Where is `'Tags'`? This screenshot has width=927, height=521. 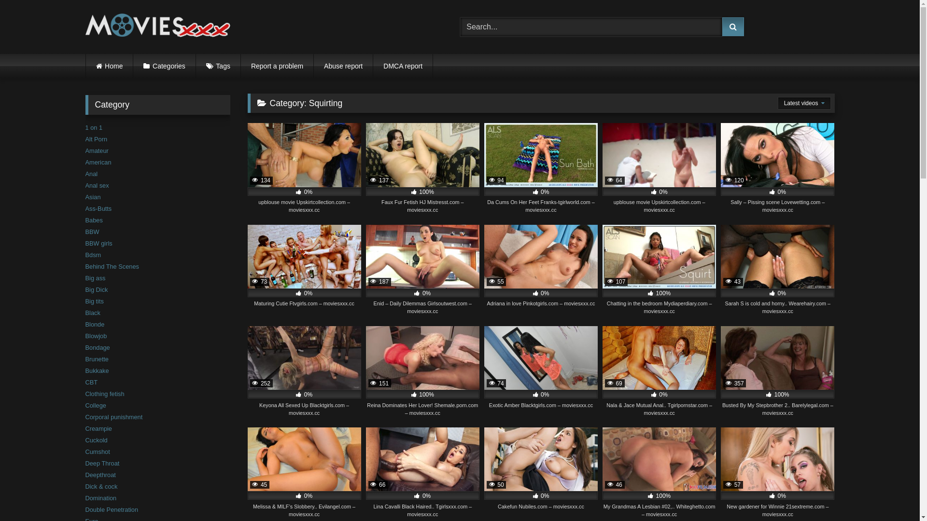 'Tags' is located at coordinates (217, 66).